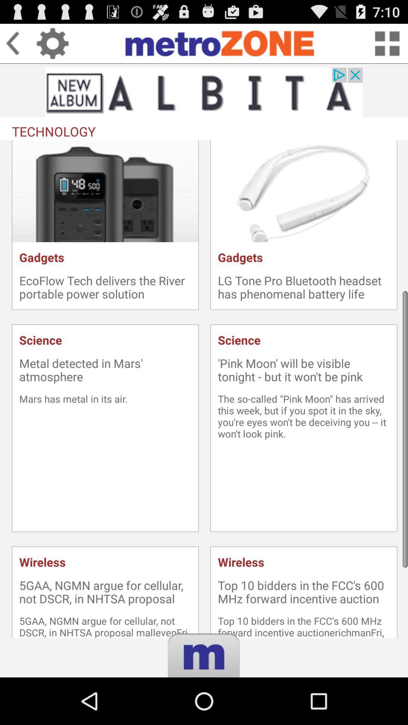 Image resolution: width=408 pixels, height=725 pixels. I want to click on the arrow_backward icon, so click(20, 46).